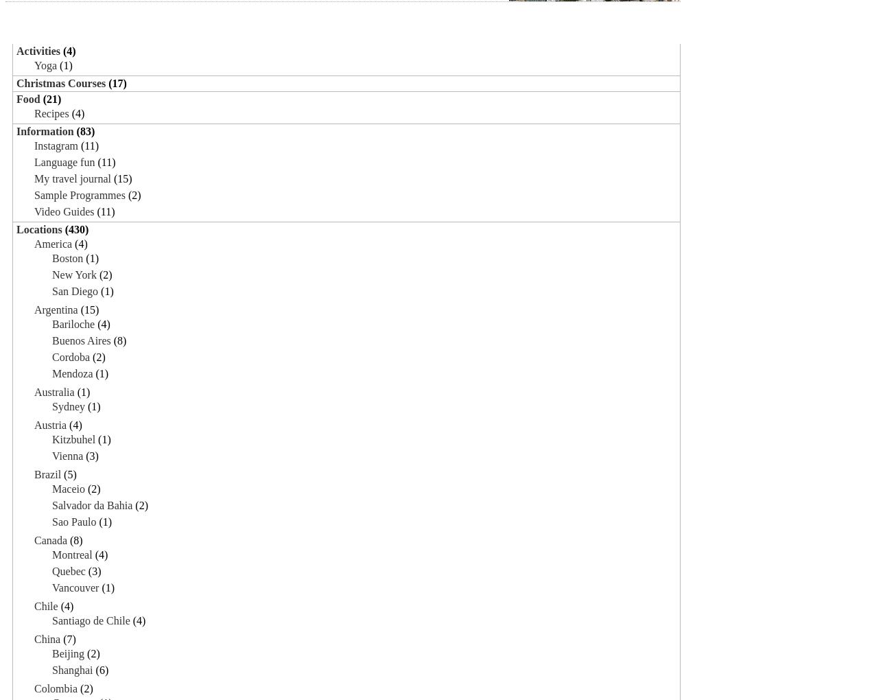 The width and height of the screenshot is (872, 700). Describe the element at coordinates (71, 355) in the screenshot. I see `'Cordoba'` at that location.